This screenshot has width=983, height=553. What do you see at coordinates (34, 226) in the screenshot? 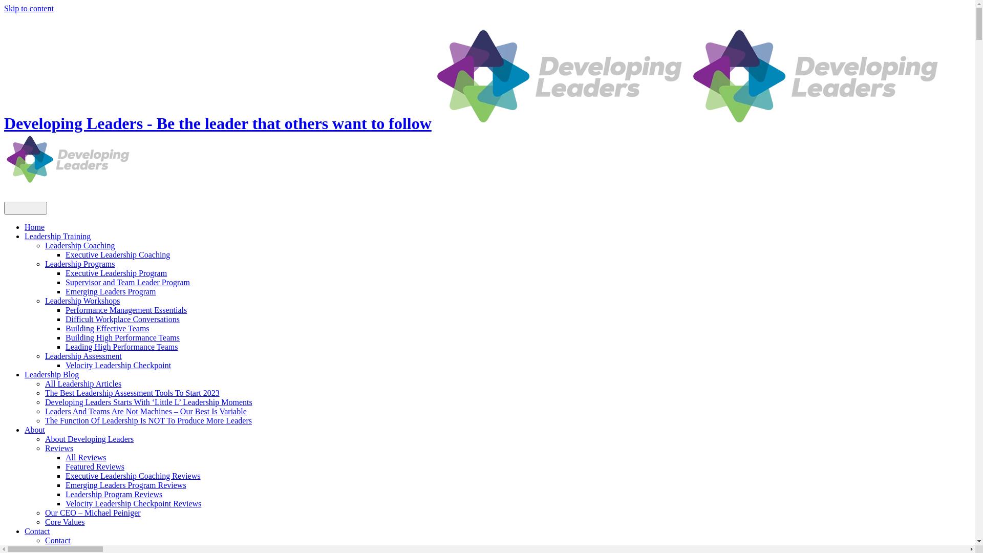
I see `'Home'` at bounding box center [34, 226].